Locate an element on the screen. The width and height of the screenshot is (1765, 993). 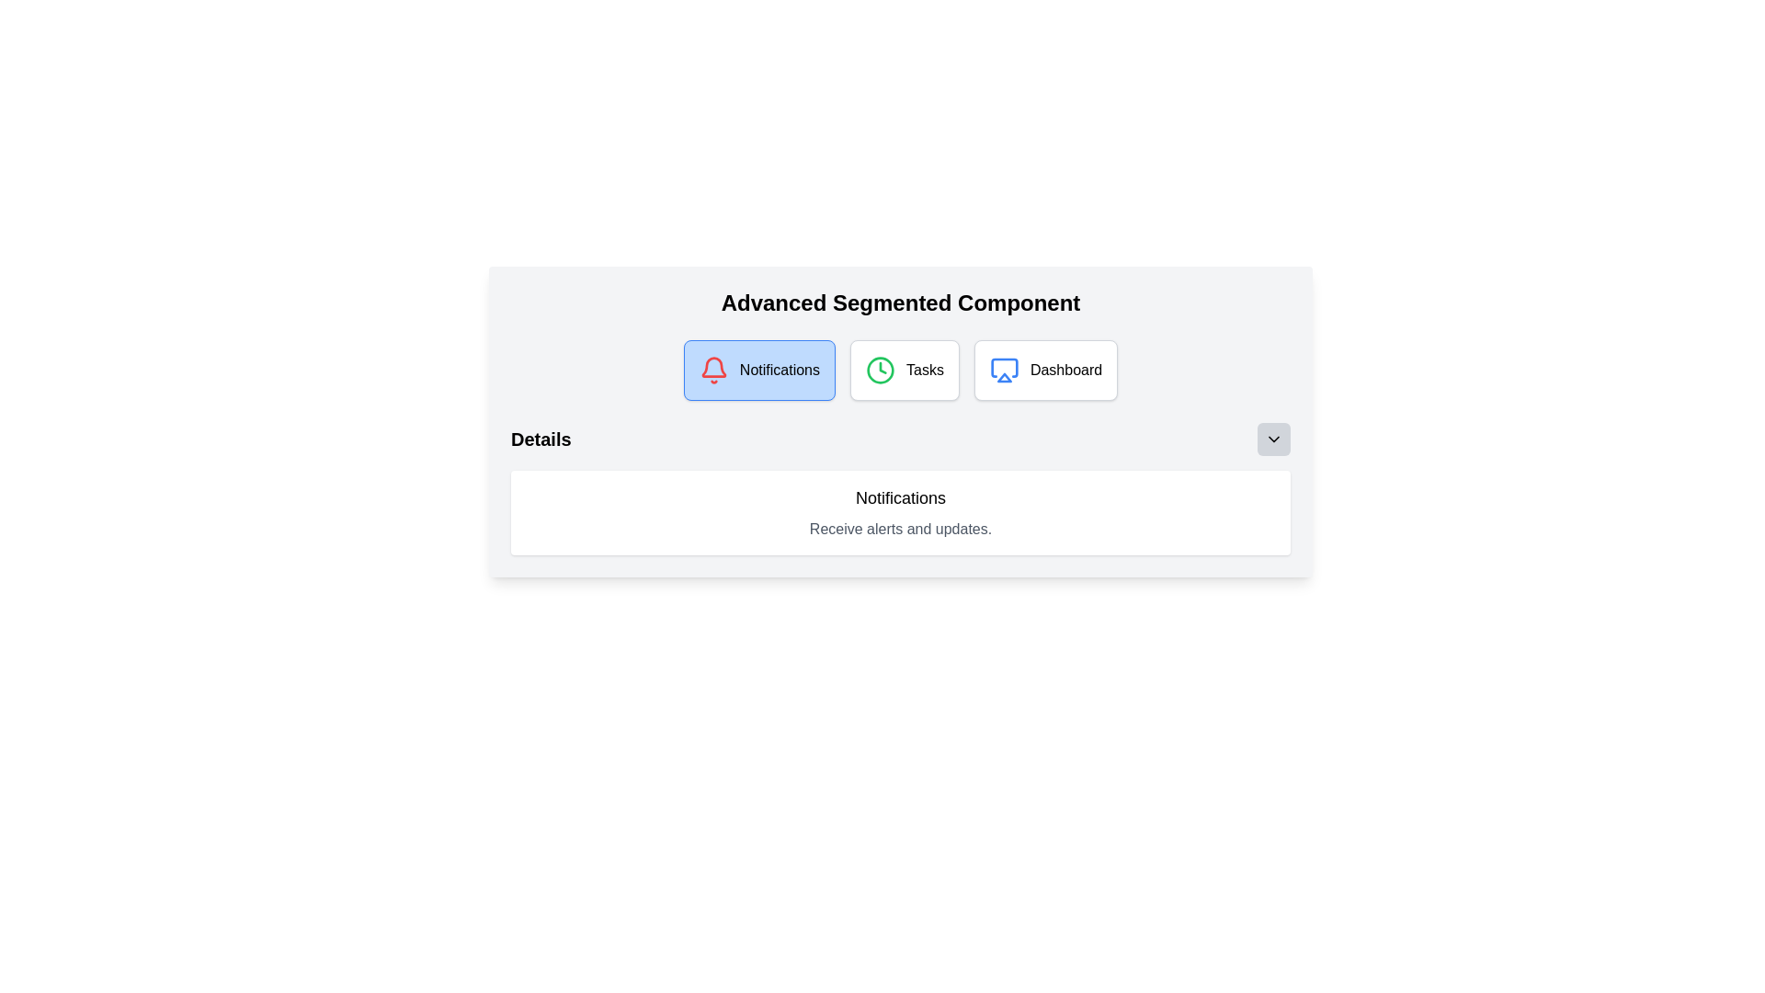
the downward chevron arrow icon located inside the button at the top-right corner of the 'Details' box is located at coordinates (1273, 439).